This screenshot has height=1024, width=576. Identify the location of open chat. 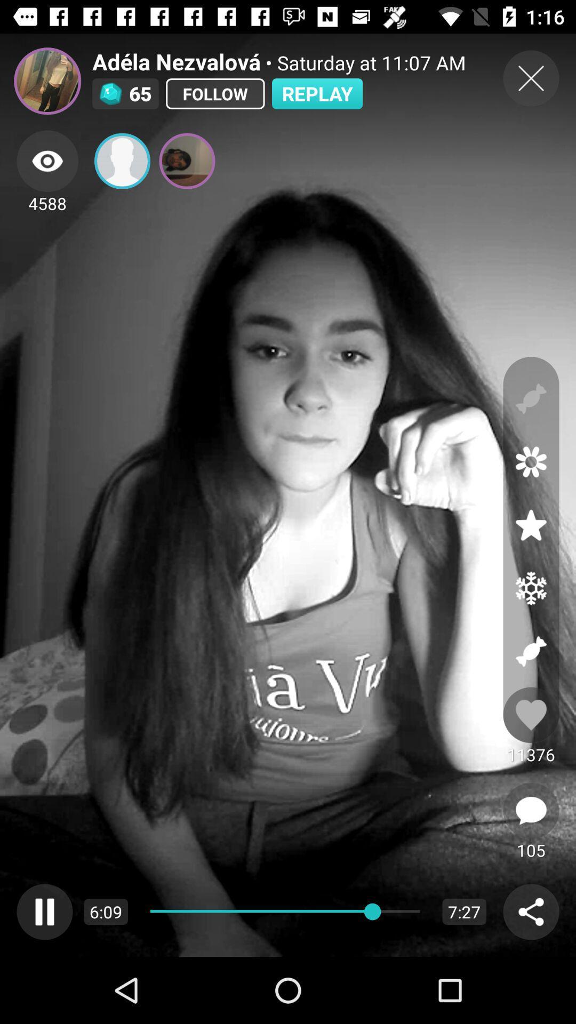
(531, 811).